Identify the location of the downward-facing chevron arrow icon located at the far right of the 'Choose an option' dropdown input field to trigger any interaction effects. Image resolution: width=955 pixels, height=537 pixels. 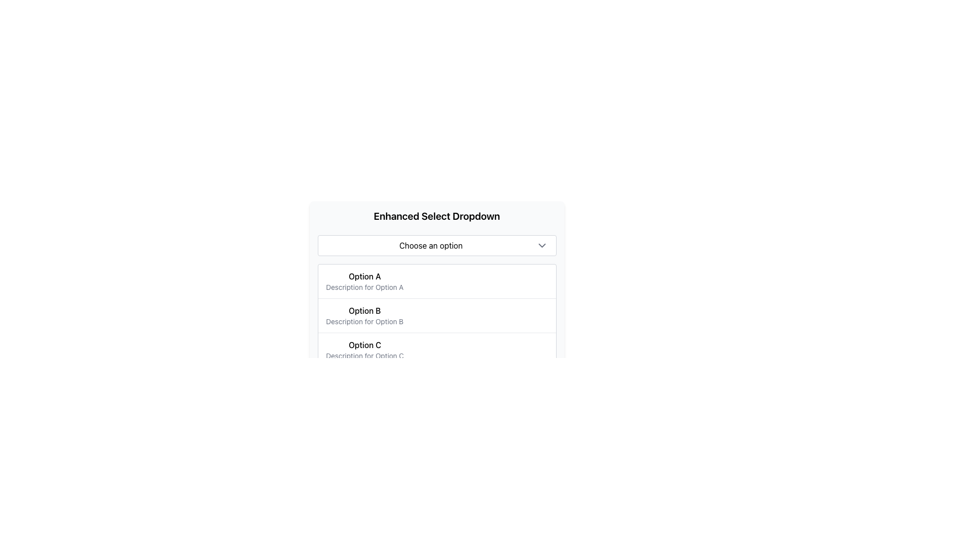
(541, 245).